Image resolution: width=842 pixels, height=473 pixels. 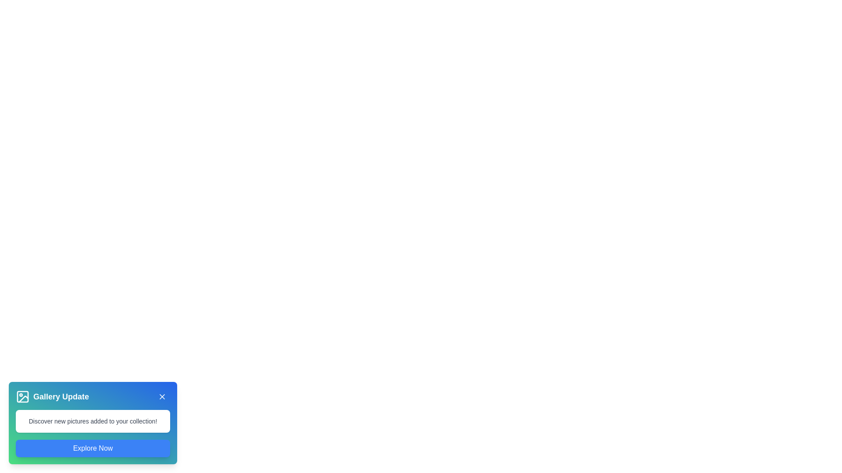 I want to click on the 'Explore Now' button to trigger the action, so click(x=93, y=448).